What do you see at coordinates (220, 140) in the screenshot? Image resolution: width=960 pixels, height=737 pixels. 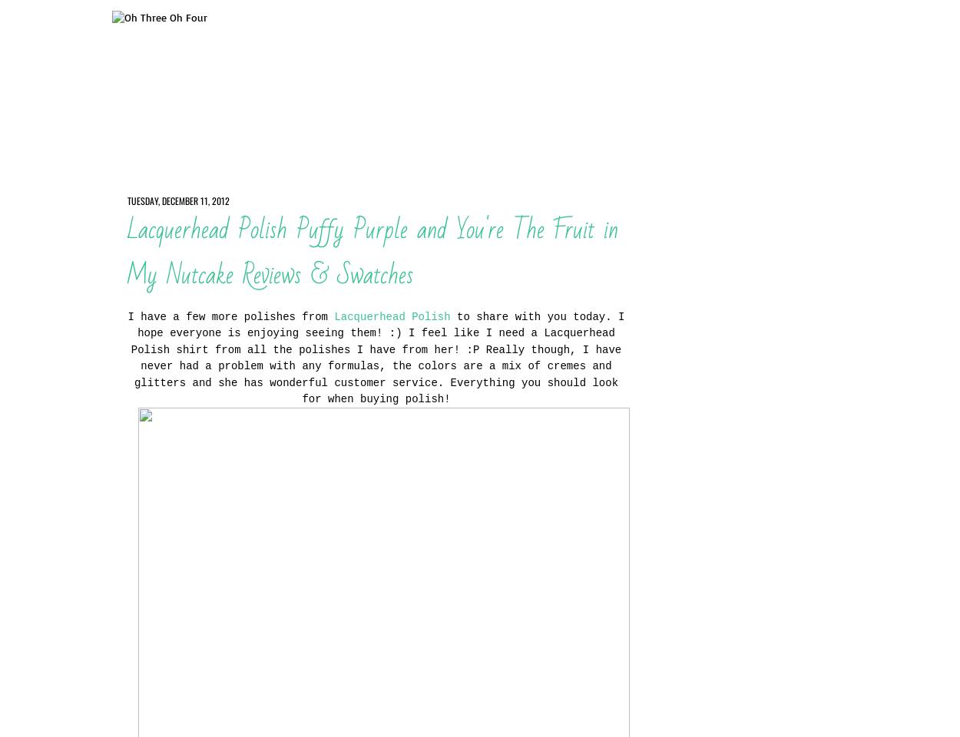 I see `'Home'` at bounding box center [220, 140].